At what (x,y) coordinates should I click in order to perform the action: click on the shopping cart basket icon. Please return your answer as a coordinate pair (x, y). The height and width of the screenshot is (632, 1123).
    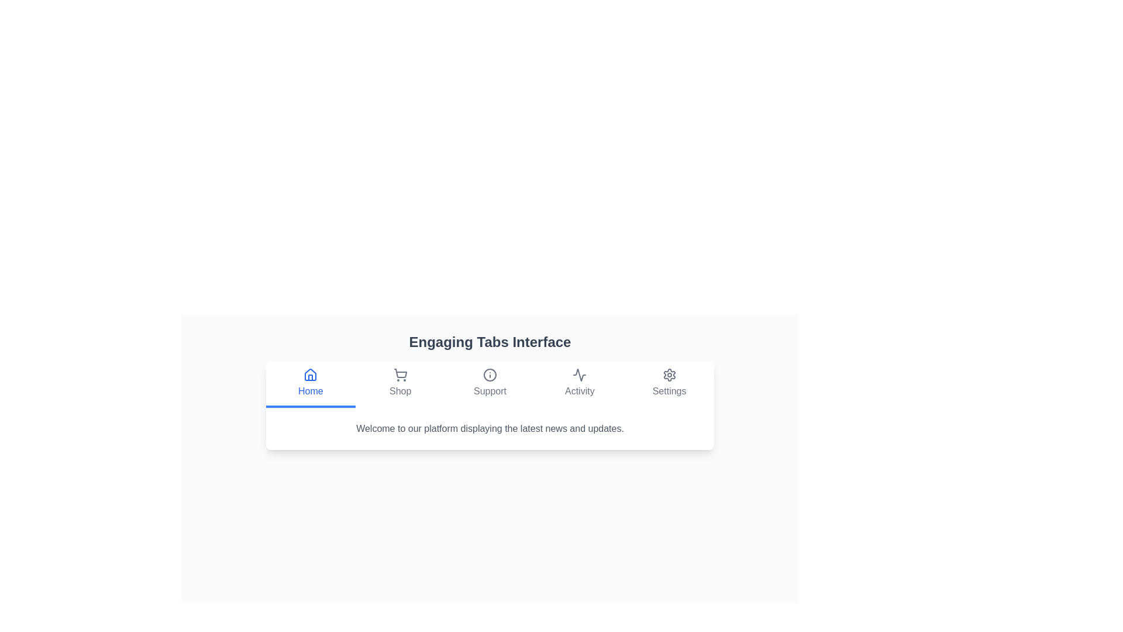
    Looking at the image, I should click on (400, 373).